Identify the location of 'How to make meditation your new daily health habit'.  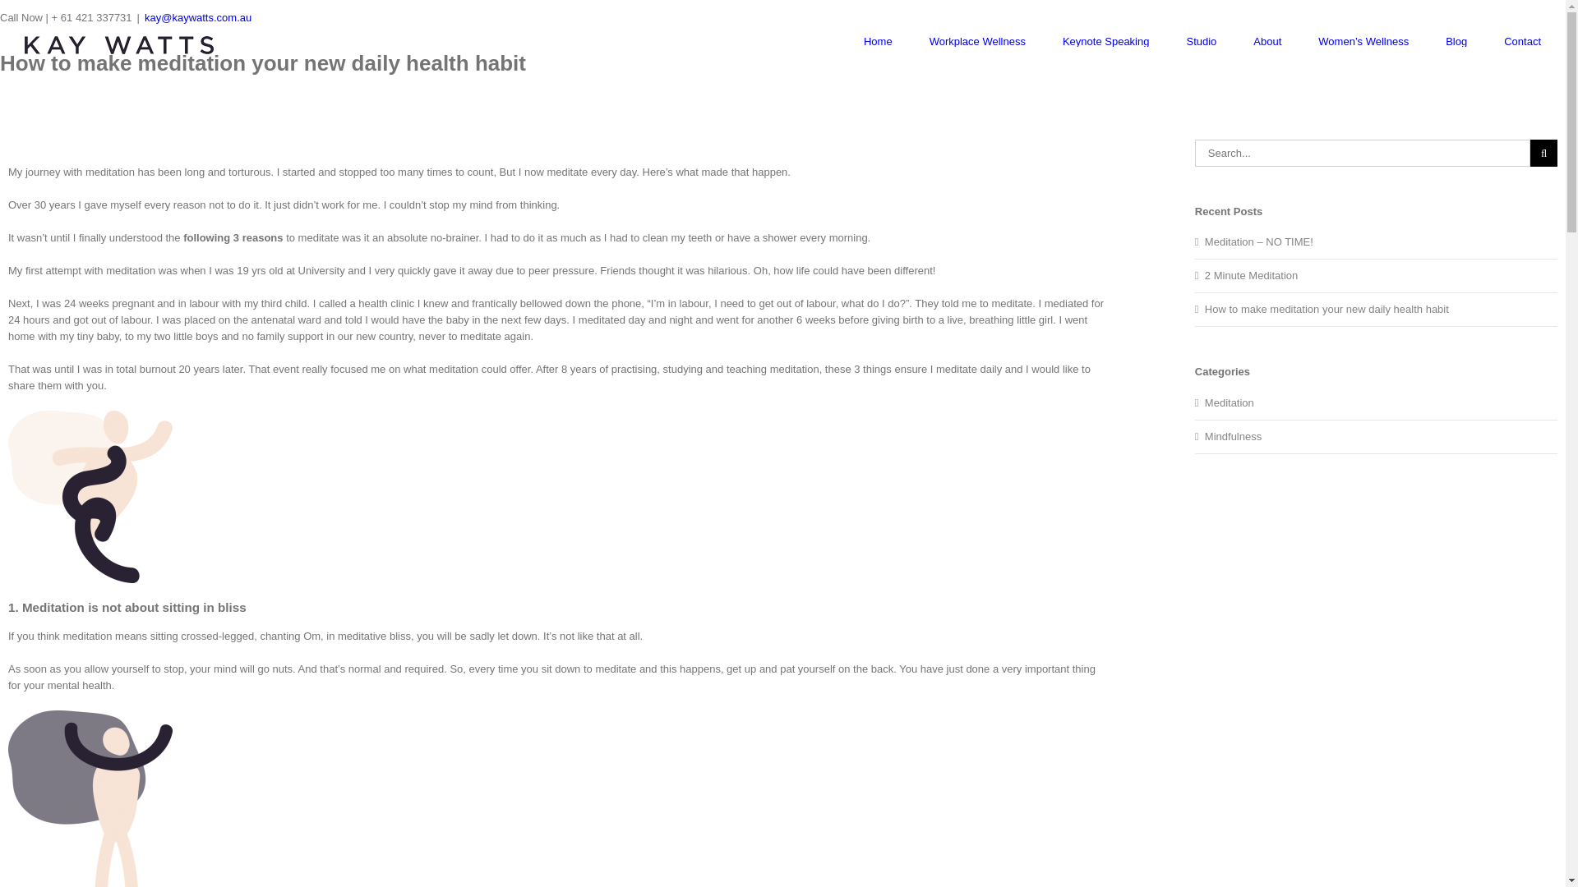
(1327, 309).